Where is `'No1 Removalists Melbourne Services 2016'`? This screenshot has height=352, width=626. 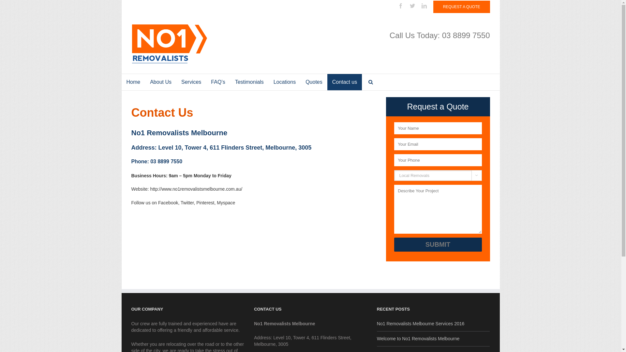 'No1 Removalists Melbourne Services 2016' is located at coordinates (433, 324).